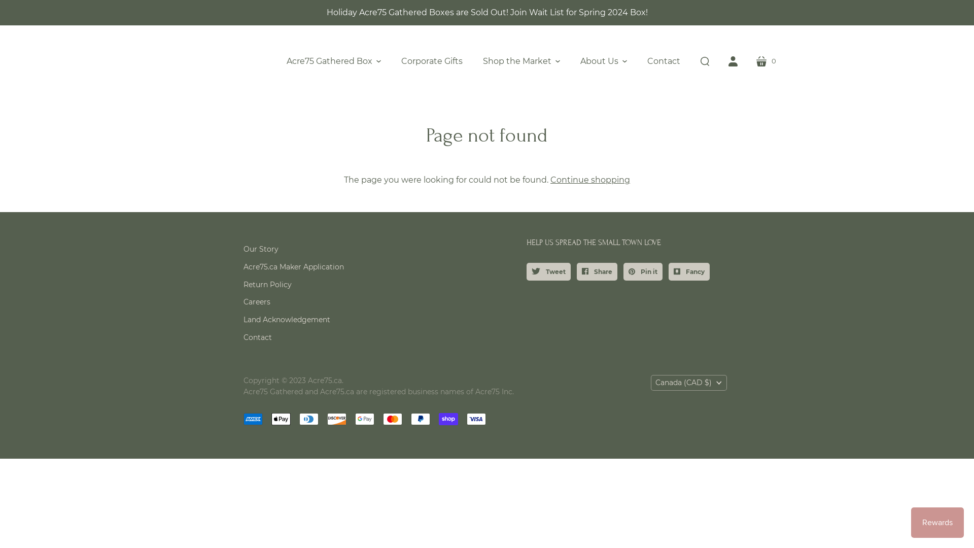  Describe the element at coordinates (293, 266) in the screenshot. I see `'Acre75.ca Maker Application'` at that location.